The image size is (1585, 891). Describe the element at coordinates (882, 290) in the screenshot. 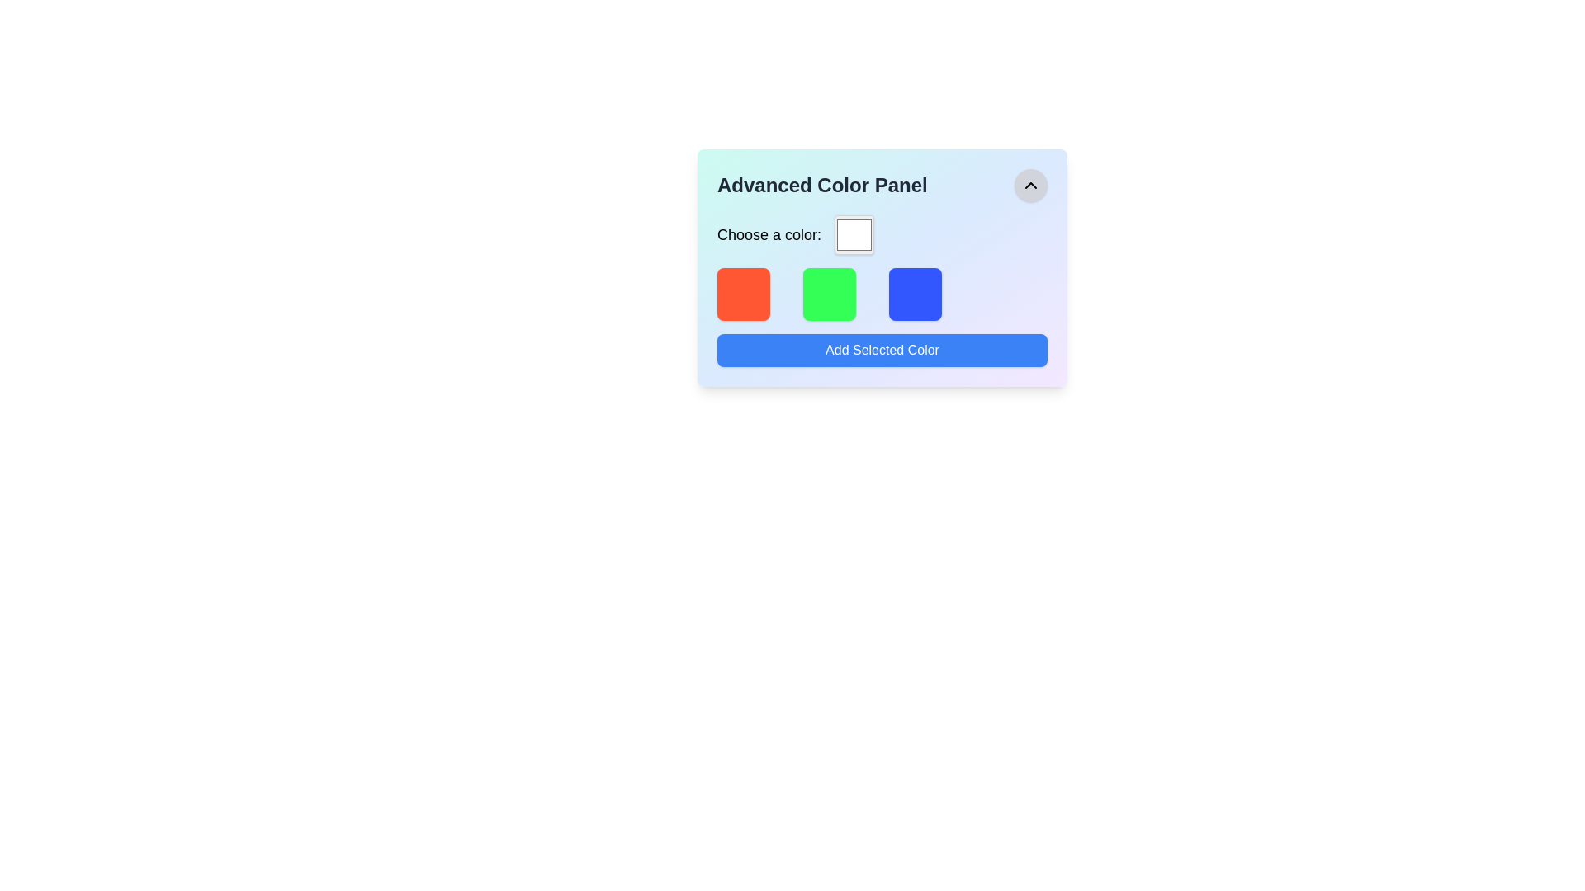

I see `a color from the color palette in the 'Advanced Color Panel' section by clicking on it` at that location.